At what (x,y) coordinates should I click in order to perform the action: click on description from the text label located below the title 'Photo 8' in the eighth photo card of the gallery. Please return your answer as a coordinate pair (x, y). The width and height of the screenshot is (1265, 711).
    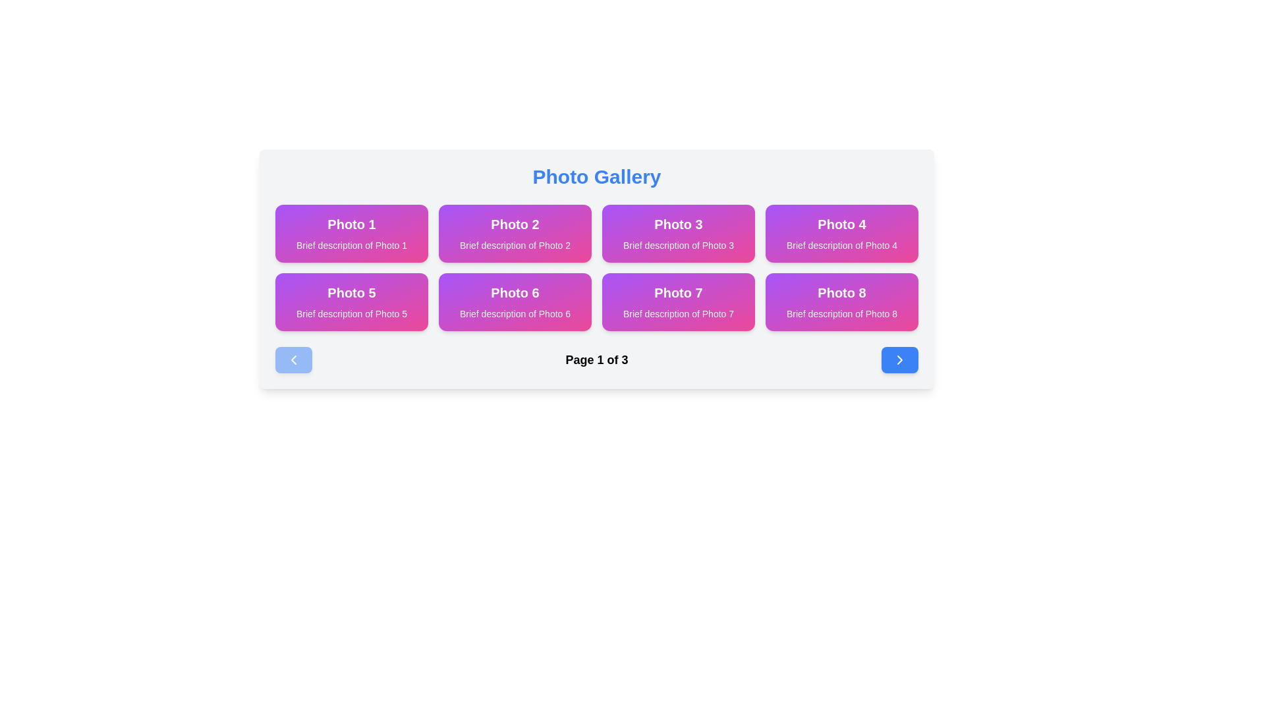
    Looking at the image, I should click on (841, 314).